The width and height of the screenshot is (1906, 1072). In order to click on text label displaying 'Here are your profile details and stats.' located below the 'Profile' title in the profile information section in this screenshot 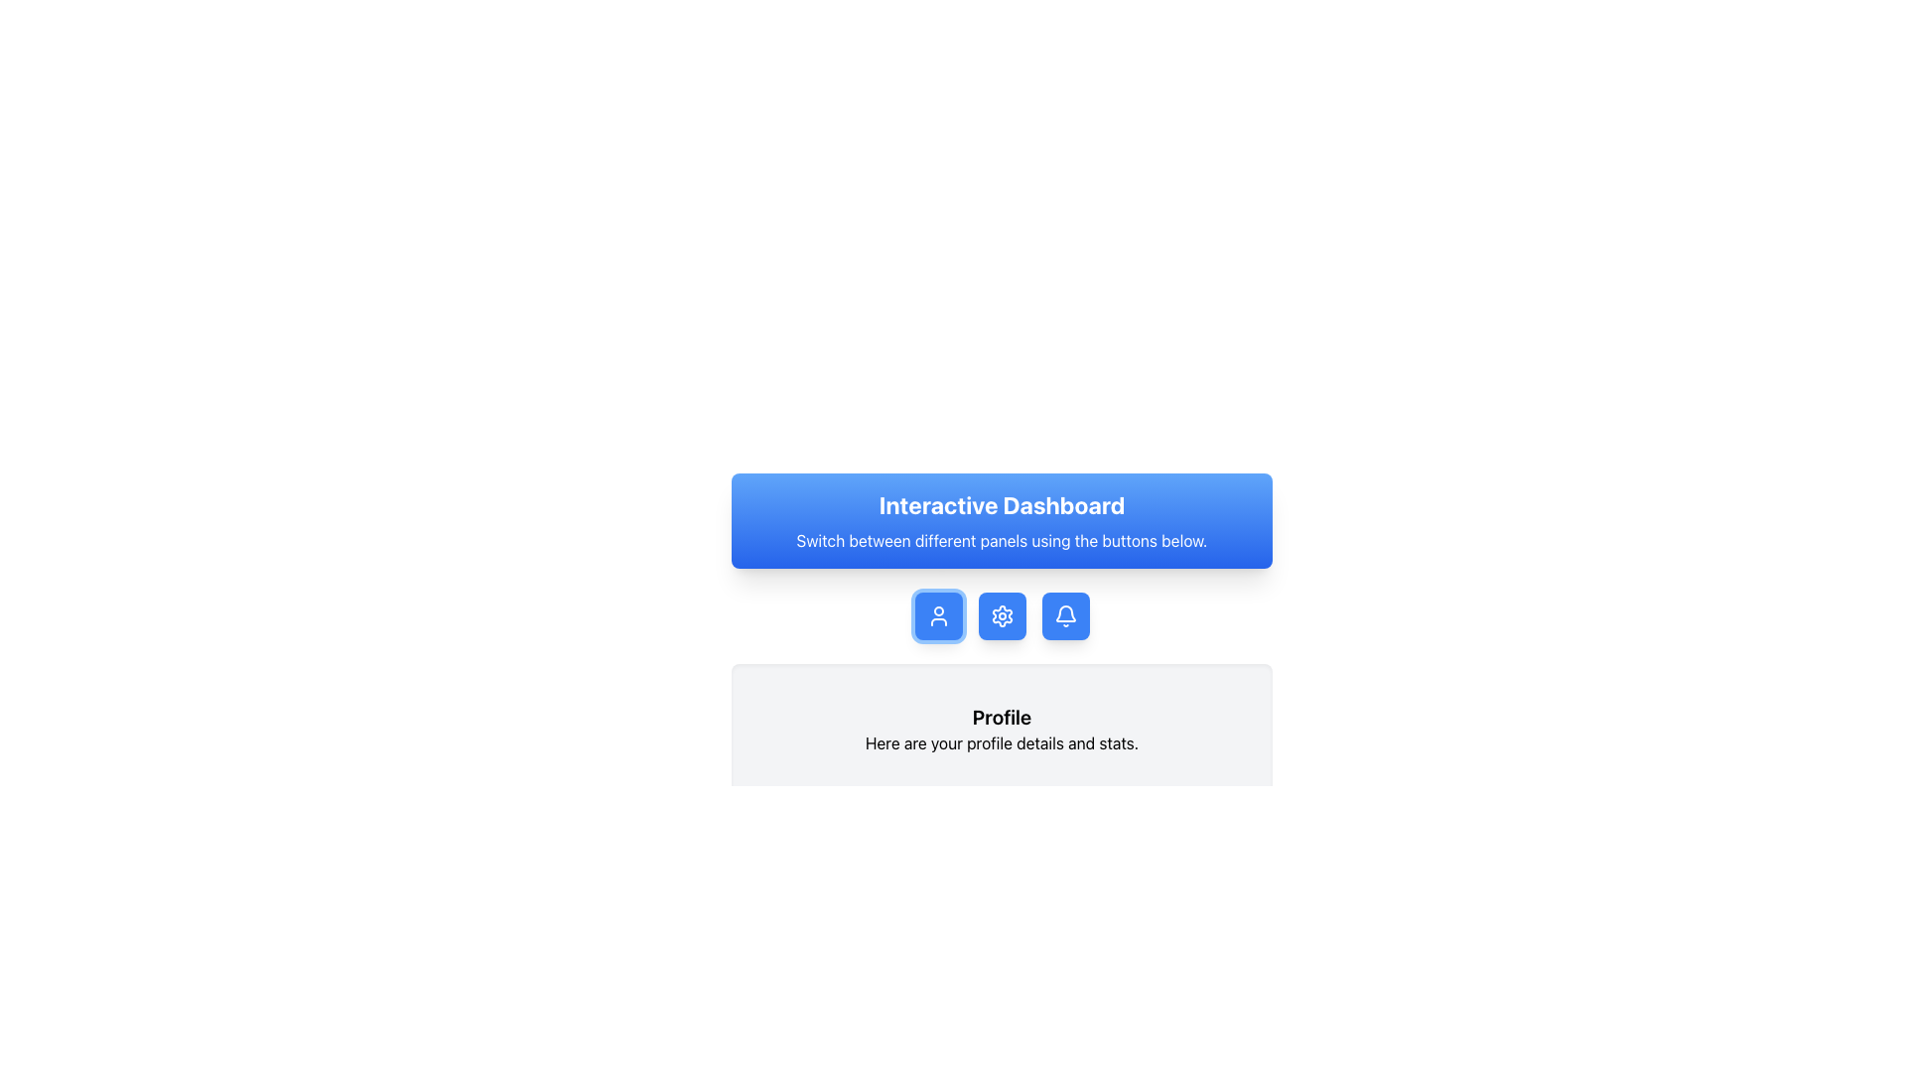, I will do `click(1002, 742)`.